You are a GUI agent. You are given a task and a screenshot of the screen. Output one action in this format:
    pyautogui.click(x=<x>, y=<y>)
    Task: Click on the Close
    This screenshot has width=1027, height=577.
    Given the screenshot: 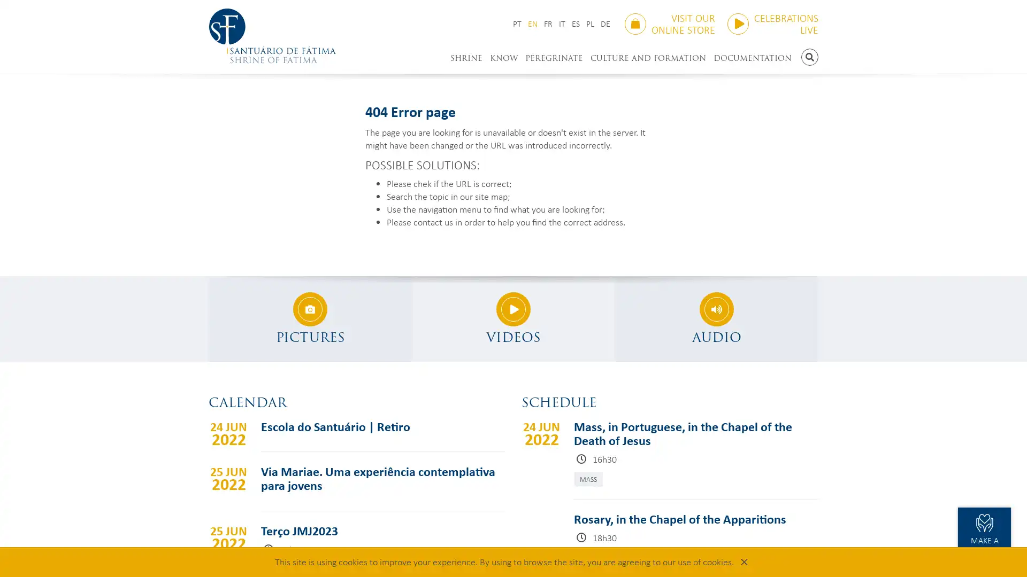 What is the action you would take?
    pyautogui.click(x=744, y=562)
    